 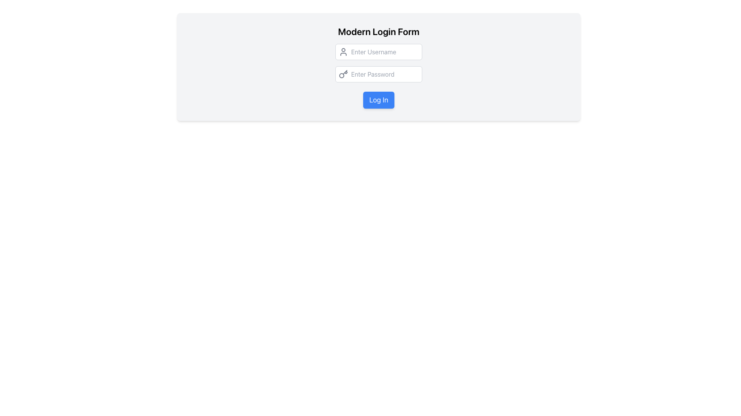 What do you see at coordinates (341, 75) in the screenshot?
I see `the SVG circle element representing a key icon within the 'Enter Password' input field on the modern login form interface` at bounding box center [341, 75].